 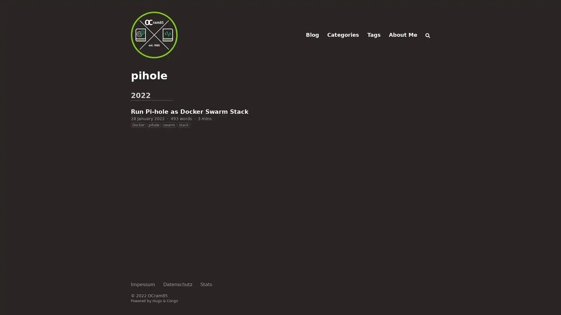 What do you see at coordinates (428, 35) in the screenshot?
I see `Search (/)` at bounding box center [428, 35].